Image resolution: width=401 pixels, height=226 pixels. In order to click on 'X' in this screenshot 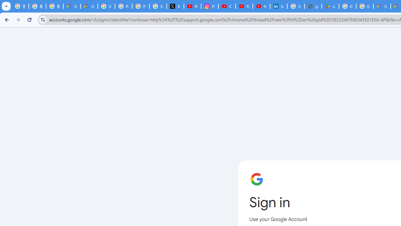, I will do `click(175, 6)`.